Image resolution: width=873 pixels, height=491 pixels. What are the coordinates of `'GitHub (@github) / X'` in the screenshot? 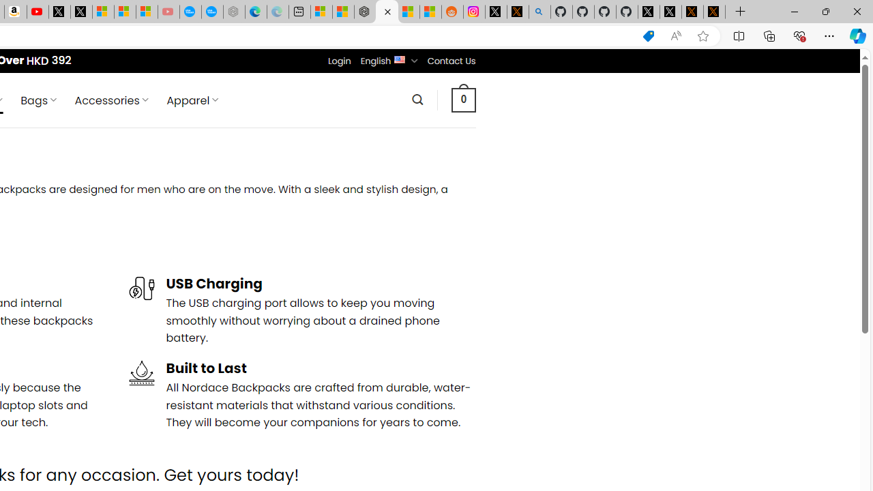 It's located at (670, 12).